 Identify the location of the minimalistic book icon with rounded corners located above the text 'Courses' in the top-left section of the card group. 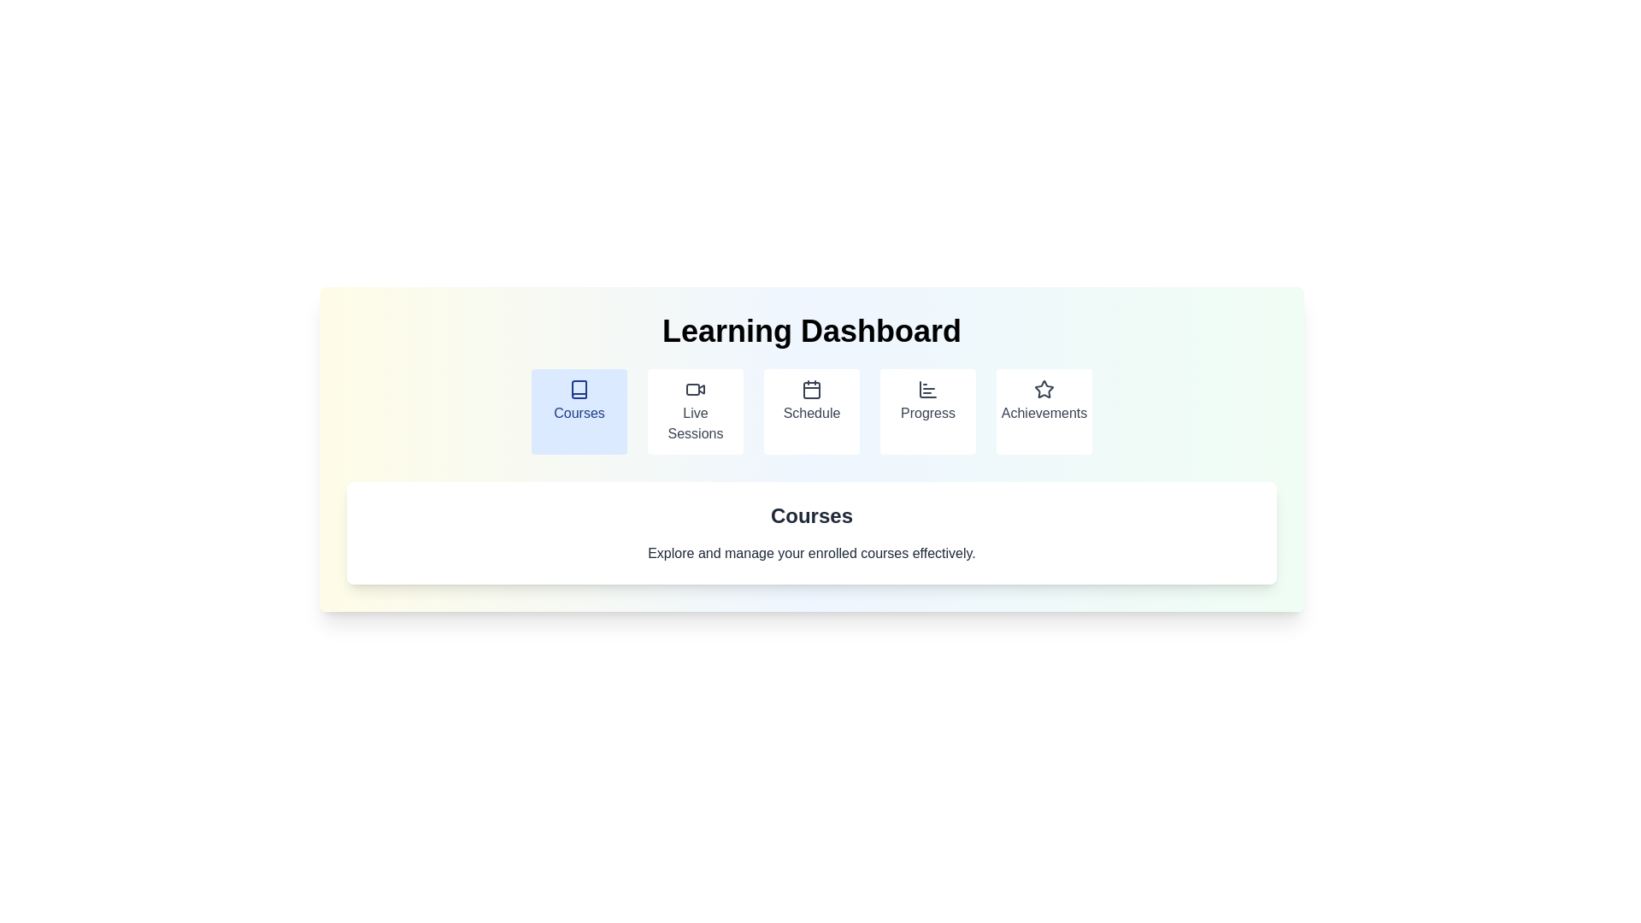
(579, 389).